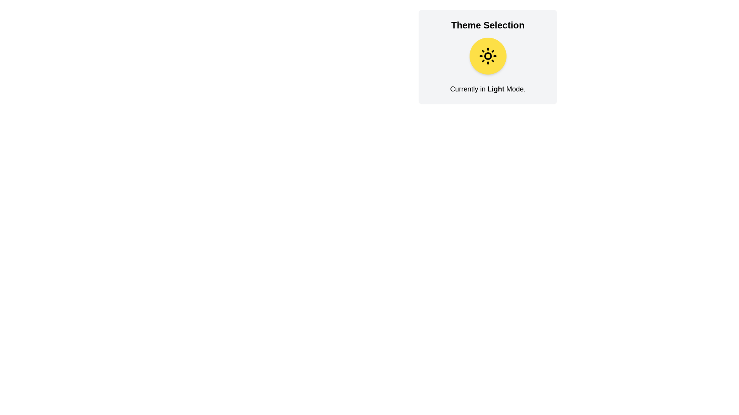  Describe the element at coordinates (487, 56) in the screenshot. I see `the light mode theme toggle icon` at that location.